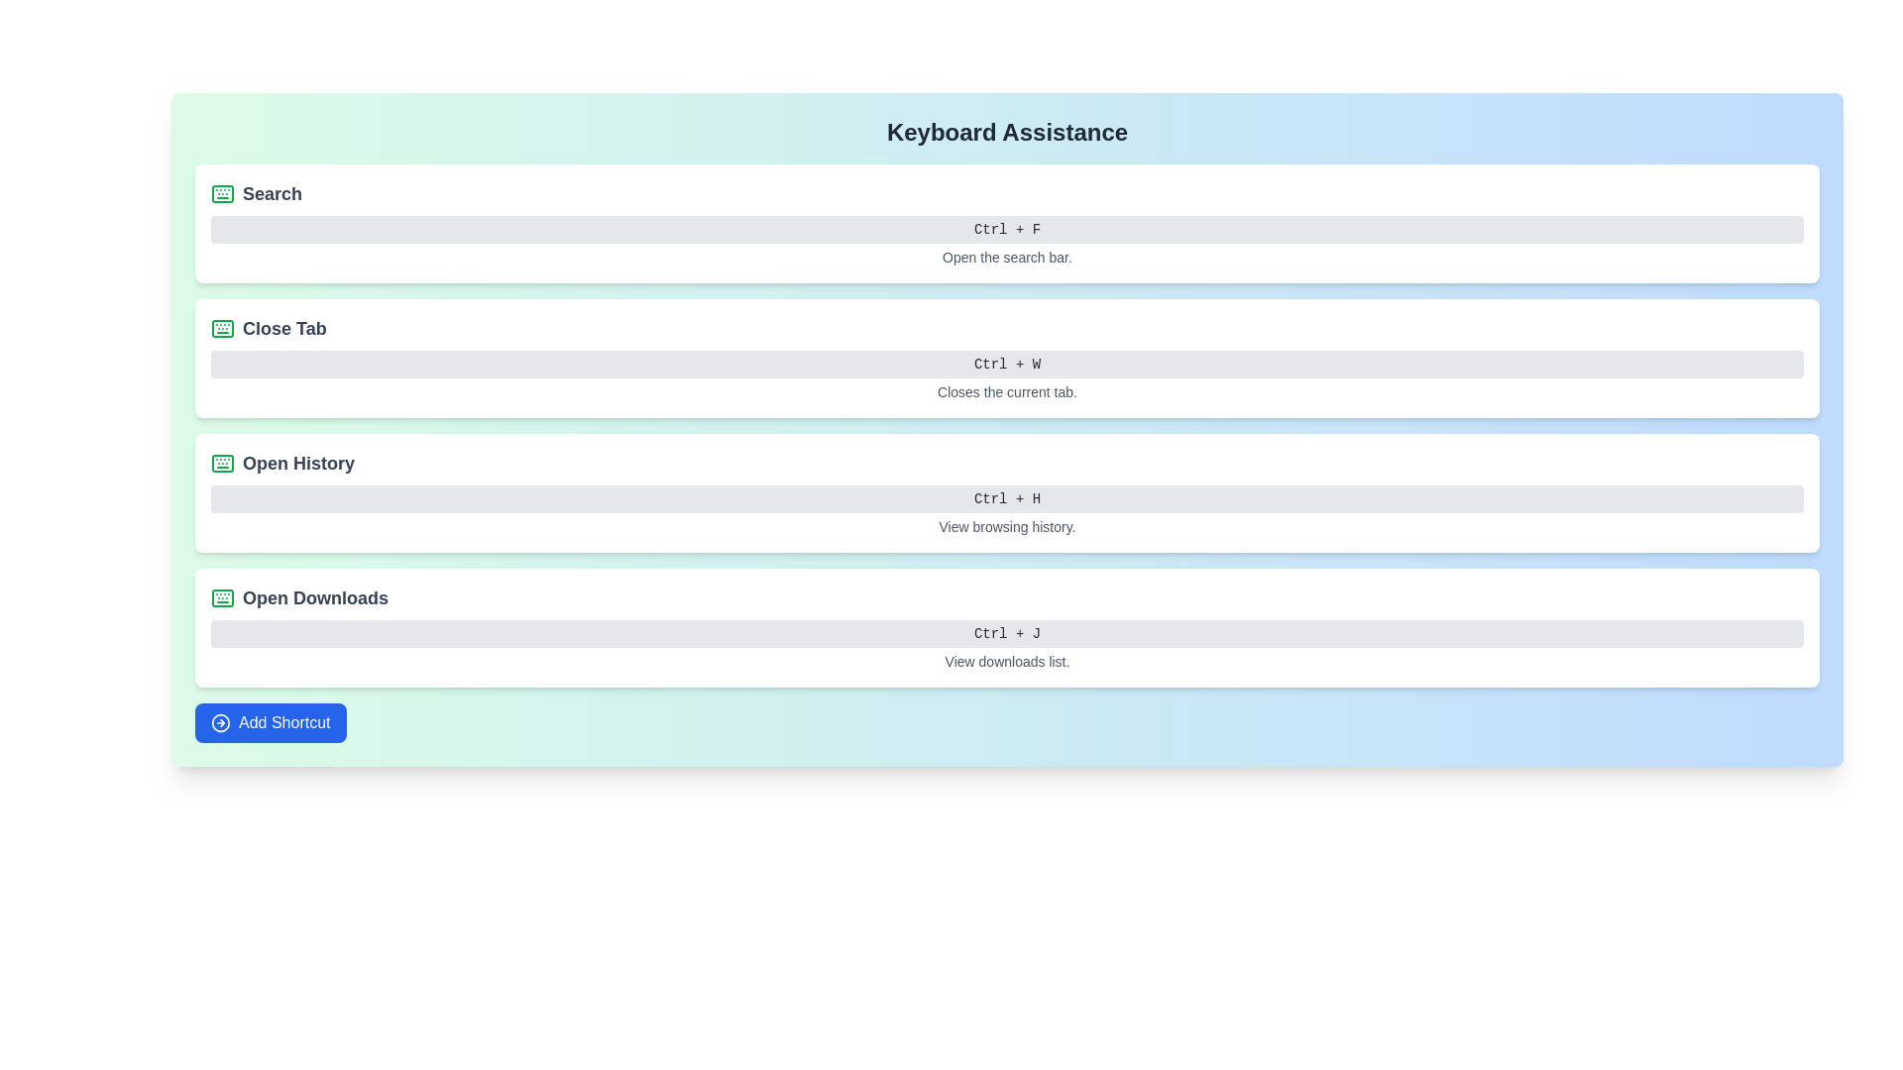  What do you see at coordinates (1007, 661) in the screenshot?
I see `the static text element that displays 'View downloads list.' located below the 'Ctrl + J' label in the 'Open Downloads' section` at bounding box center [1007, 661].